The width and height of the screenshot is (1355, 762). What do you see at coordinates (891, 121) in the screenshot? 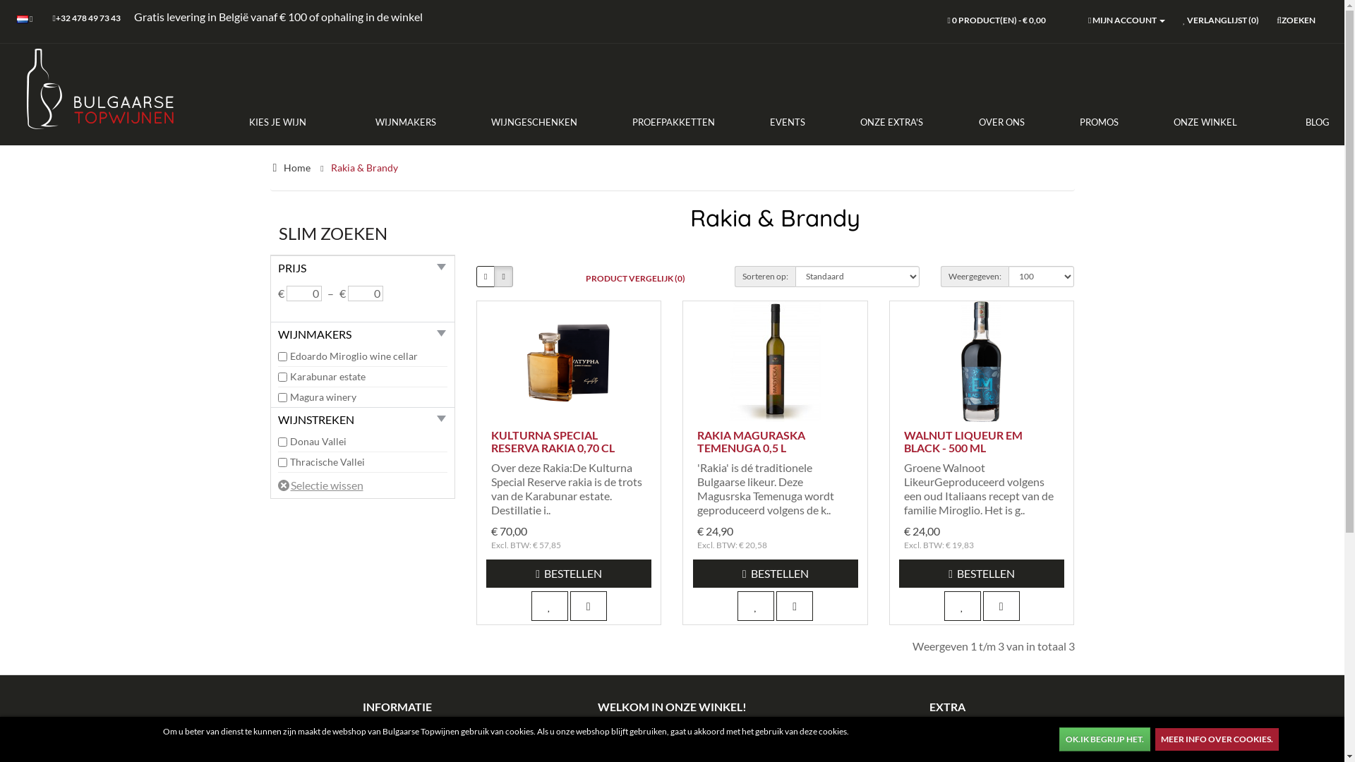
I see `'ONZE EXTRA'S'` at bounding box center [891, 121].